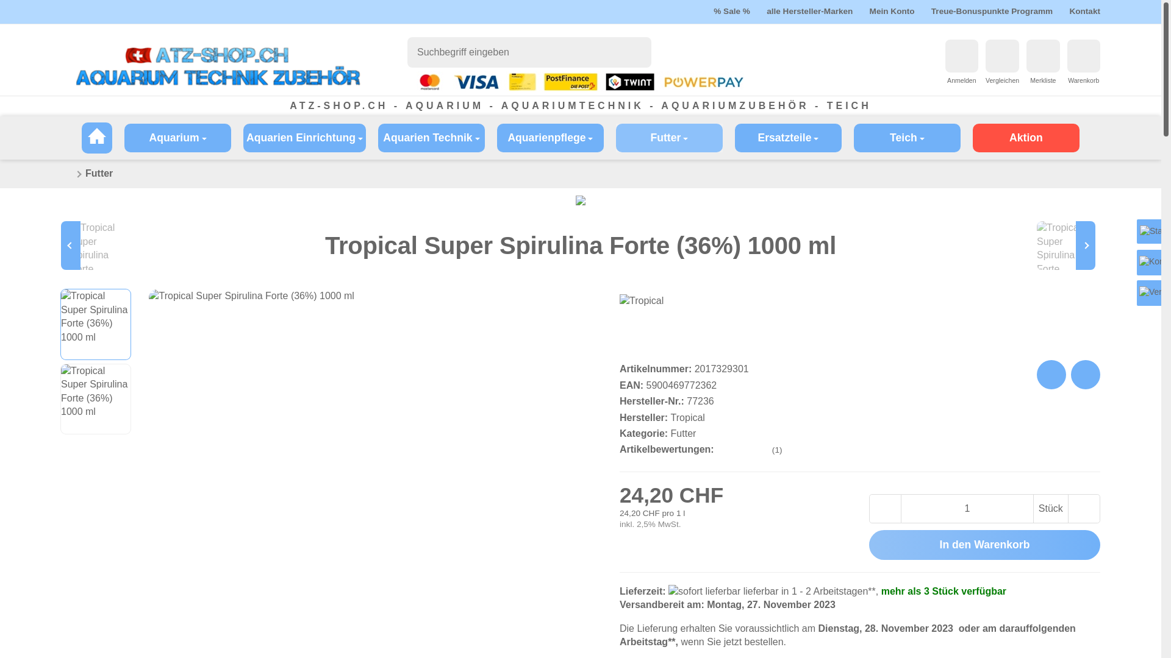  I want to click on 'Aquarien Einrichtung', so click(304, 137).